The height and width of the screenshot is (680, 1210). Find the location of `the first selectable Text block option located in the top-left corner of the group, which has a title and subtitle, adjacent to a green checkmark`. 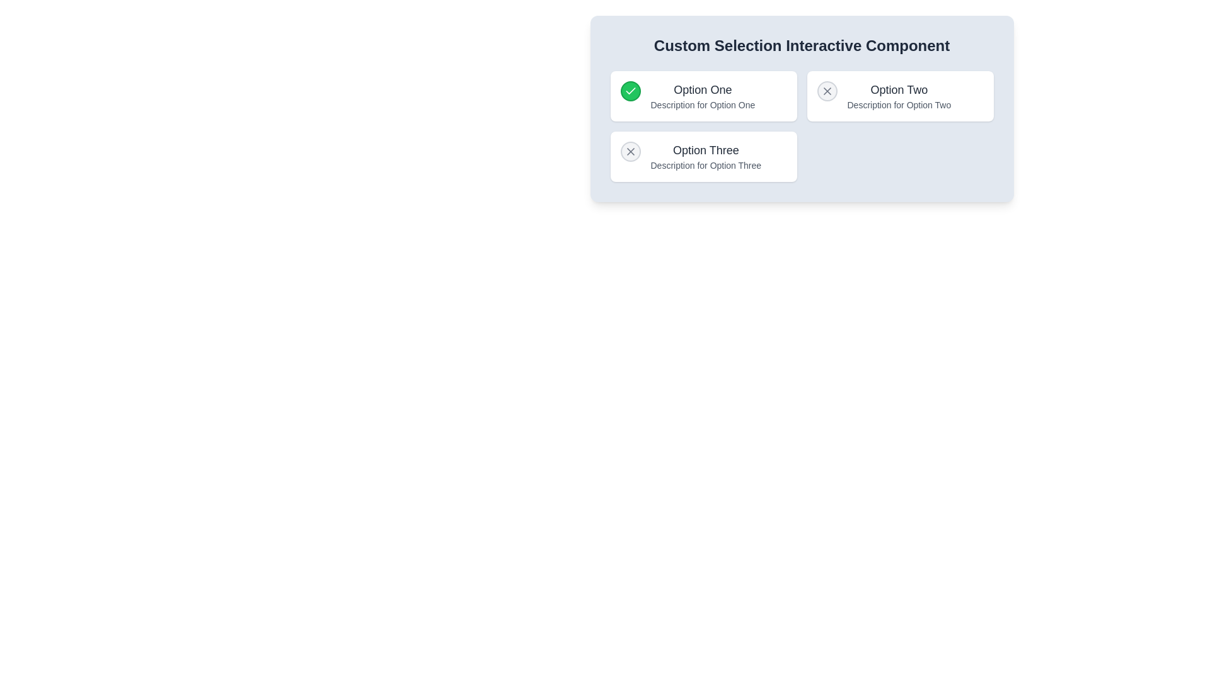

the first selectable Text block option located in the top-left corner of the group, which has a title and subtitle, adjacent to a green checkmark is located at coordinates (702, 96).